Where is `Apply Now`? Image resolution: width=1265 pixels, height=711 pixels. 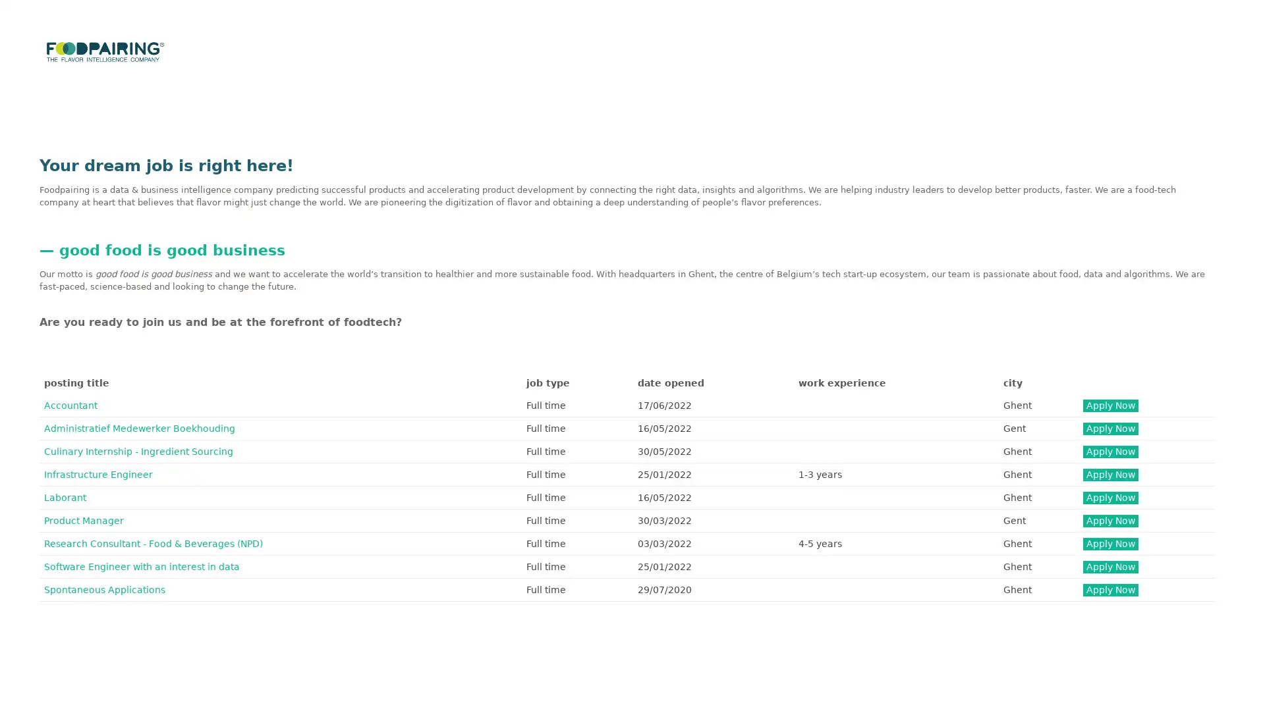
Apply Now is located at coordinates (1109, 543).